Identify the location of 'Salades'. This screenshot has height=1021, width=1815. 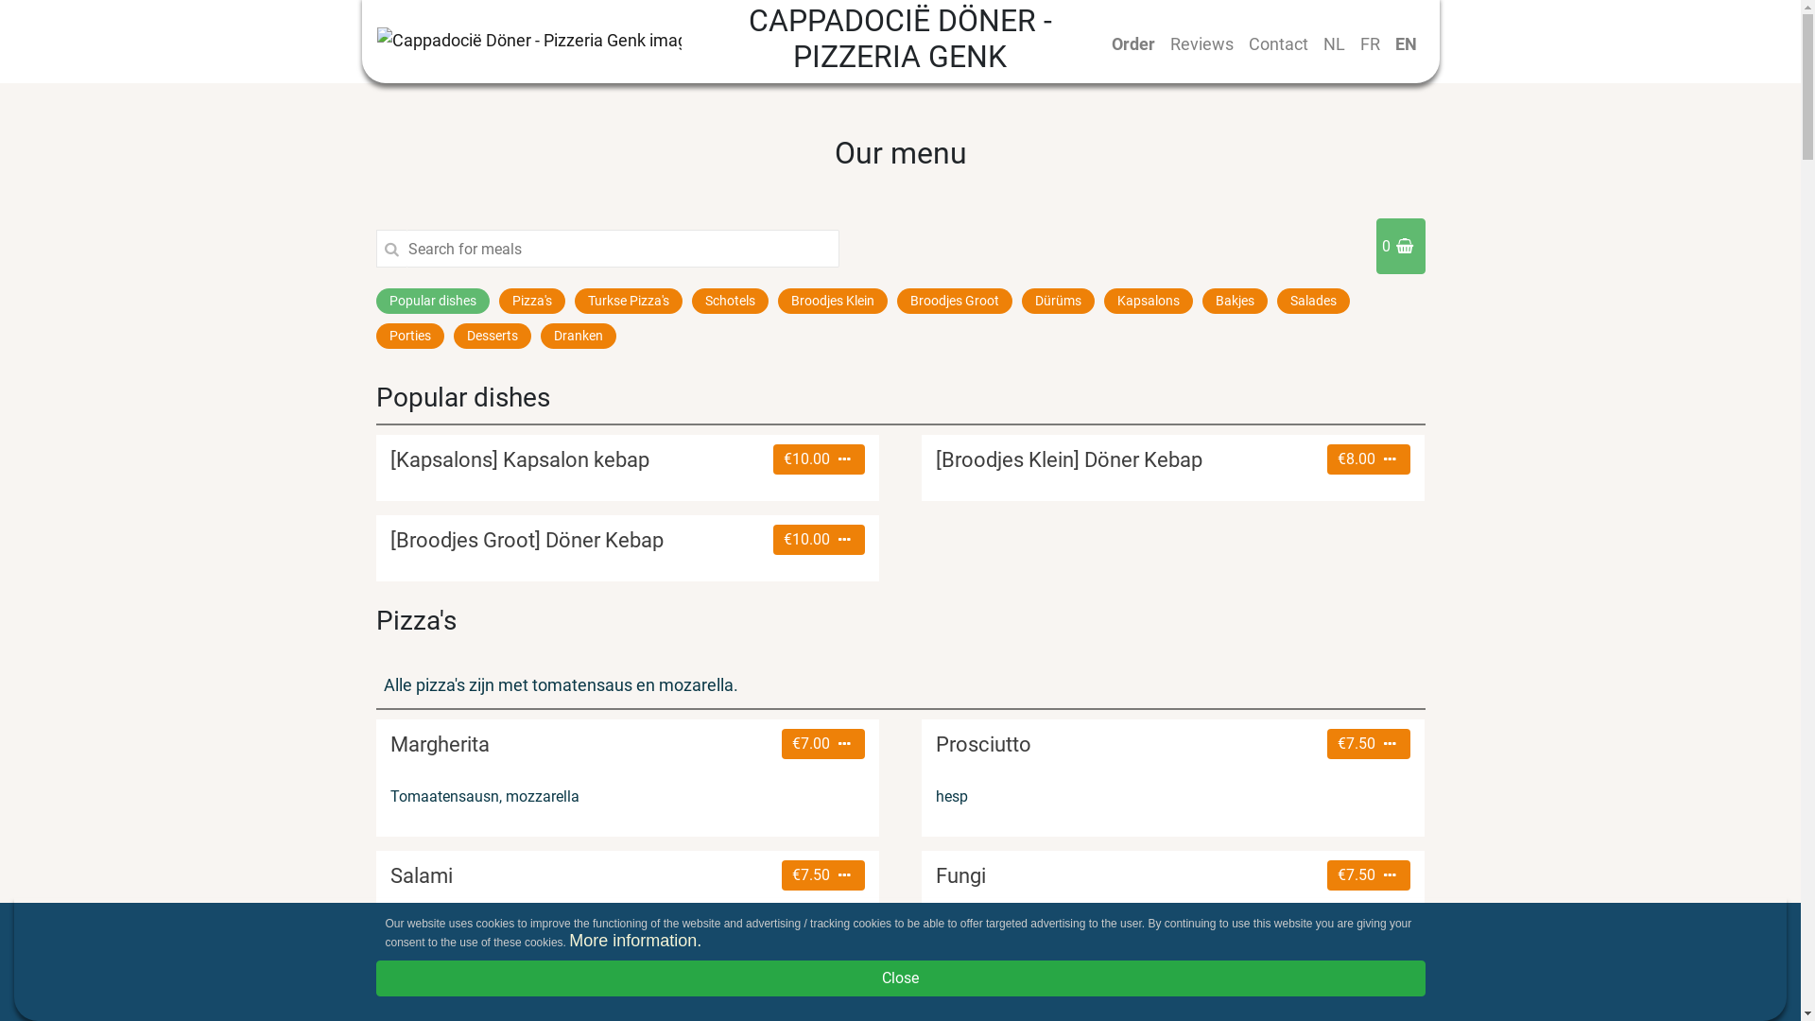
(1311, 300).